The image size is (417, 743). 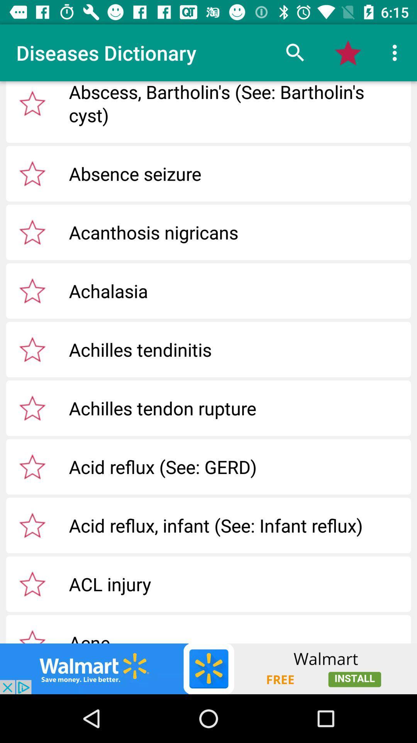 What do you see at coordinates (32, 525) in the screenshot?
I see `acid reflux` at bounding box center [32, 525].